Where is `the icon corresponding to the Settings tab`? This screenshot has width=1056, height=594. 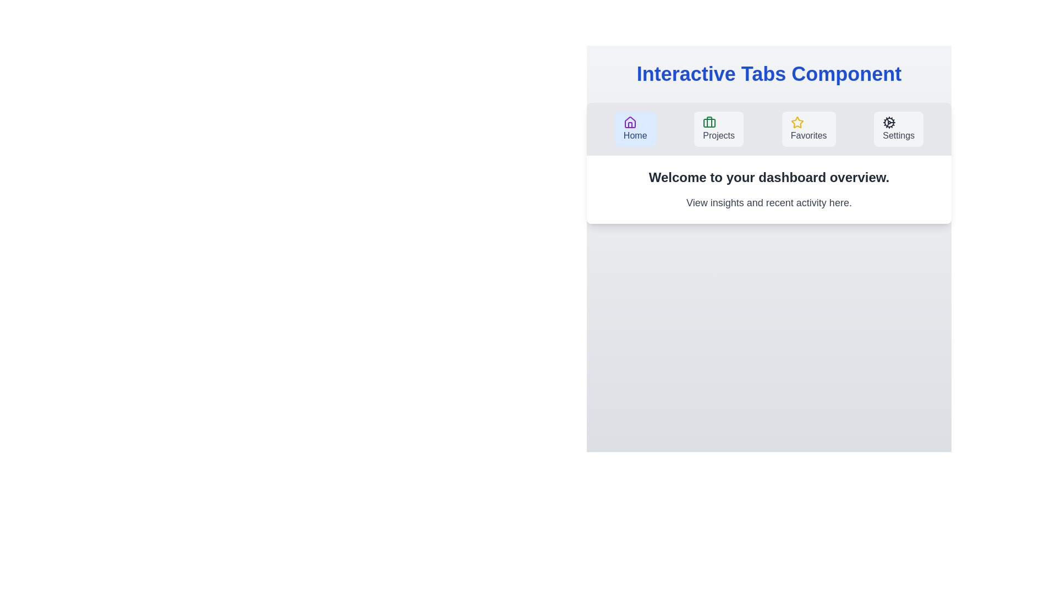 the icon corresponding to the Settings tab is located at coordinates (889, 123).